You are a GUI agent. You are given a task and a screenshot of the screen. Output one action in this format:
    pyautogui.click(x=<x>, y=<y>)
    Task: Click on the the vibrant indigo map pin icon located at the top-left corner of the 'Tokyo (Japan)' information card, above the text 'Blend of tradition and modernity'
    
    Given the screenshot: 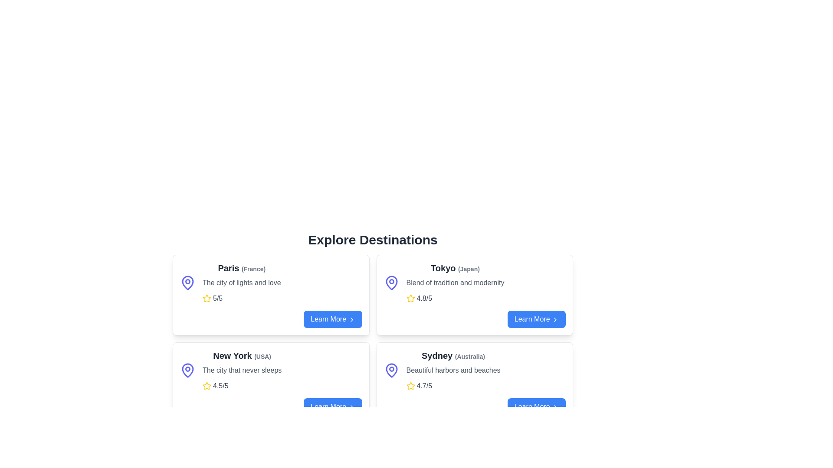 What is the action you would take?
    pyautogui.click(x=391, y=283)
    